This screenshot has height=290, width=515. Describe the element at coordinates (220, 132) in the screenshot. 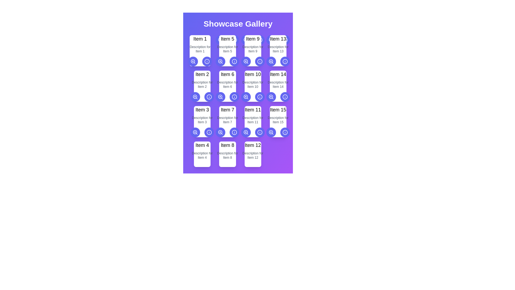

I see `the leftmost button in the fourth row of the grid layout` at that location.